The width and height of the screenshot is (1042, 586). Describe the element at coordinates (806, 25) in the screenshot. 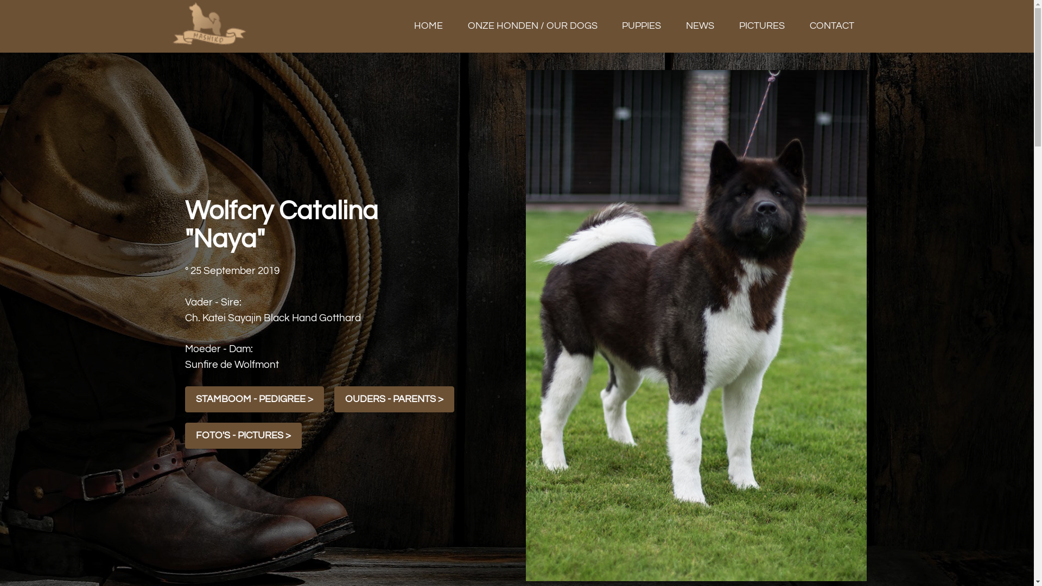

I see `'CONTACT'` at that location.